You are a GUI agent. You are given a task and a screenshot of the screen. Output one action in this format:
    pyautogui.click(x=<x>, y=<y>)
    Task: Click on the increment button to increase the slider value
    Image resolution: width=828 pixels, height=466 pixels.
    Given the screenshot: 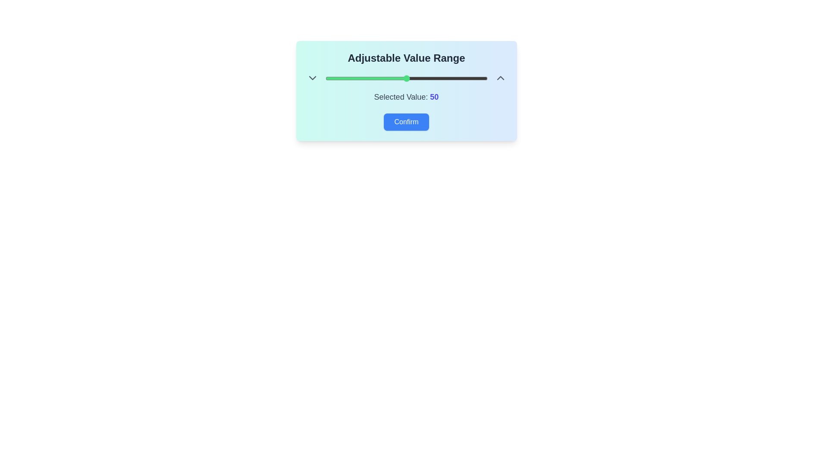 What is the action you would take?
    pyautogui.click(x=500, y=78)
    